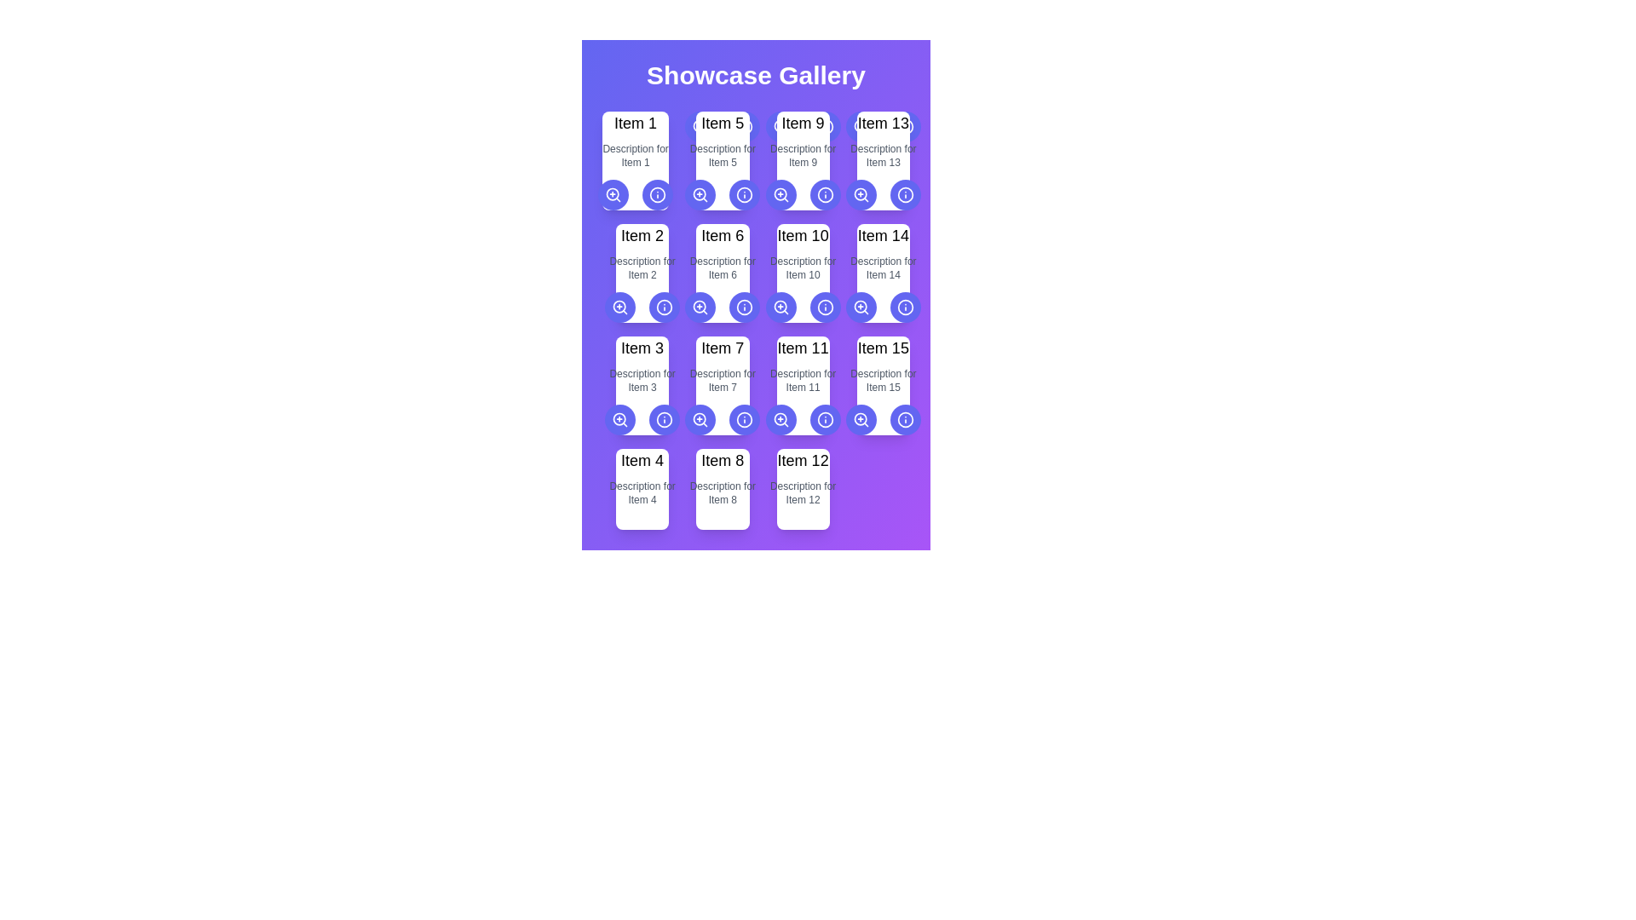  Describe the element at coordinates (825, 126) in the screenshot. I see `the circular button with an indigo background featuring a white 'information' icon, positioned to the right of the 'zoom' button in the horizontal group below 'Item 9'` at that location.